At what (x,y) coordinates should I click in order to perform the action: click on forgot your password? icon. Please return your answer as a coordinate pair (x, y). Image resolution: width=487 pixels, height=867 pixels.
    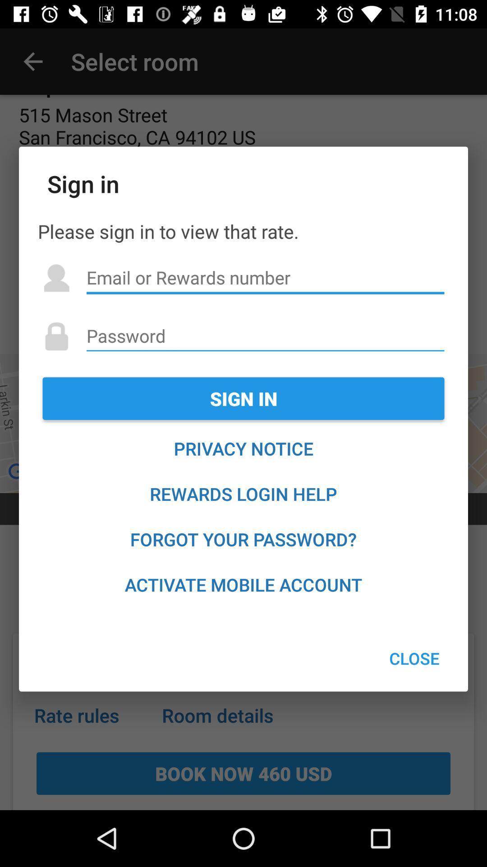
    Looking at the image, I should click on (243, 539).